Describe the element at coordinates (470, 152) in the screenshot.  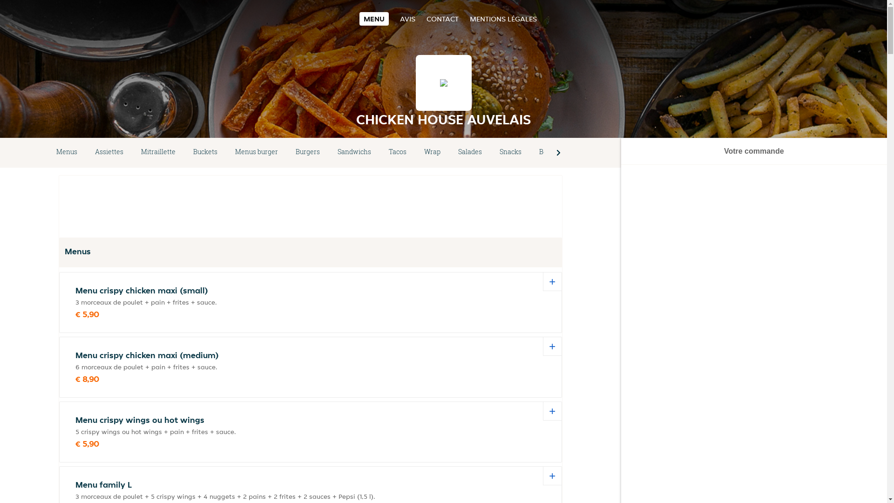
I see `'Salades'` at that location.